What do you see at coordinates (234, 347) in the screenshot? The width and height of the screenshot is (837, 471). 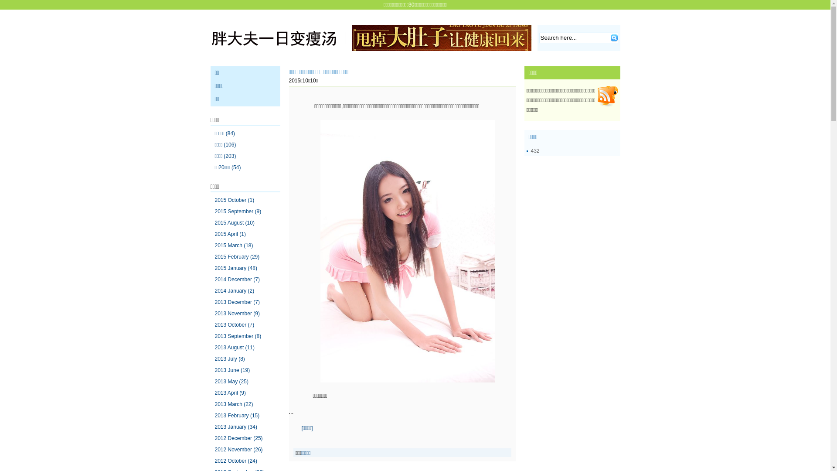 I see `'2013 August (11)'` at bounding box center [234, 347].